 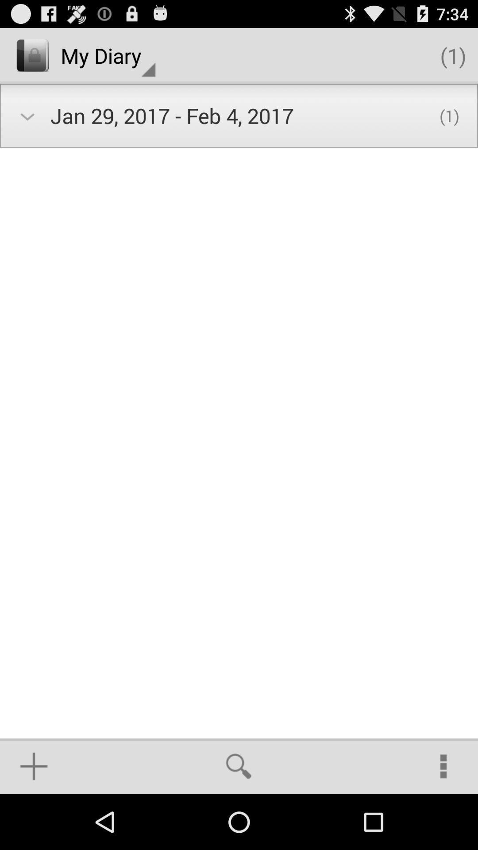 What do you see at coordinates (443, 766) in the screenshot?
I see `the icon at the bottom right corner` at bounding box center [443, 766].